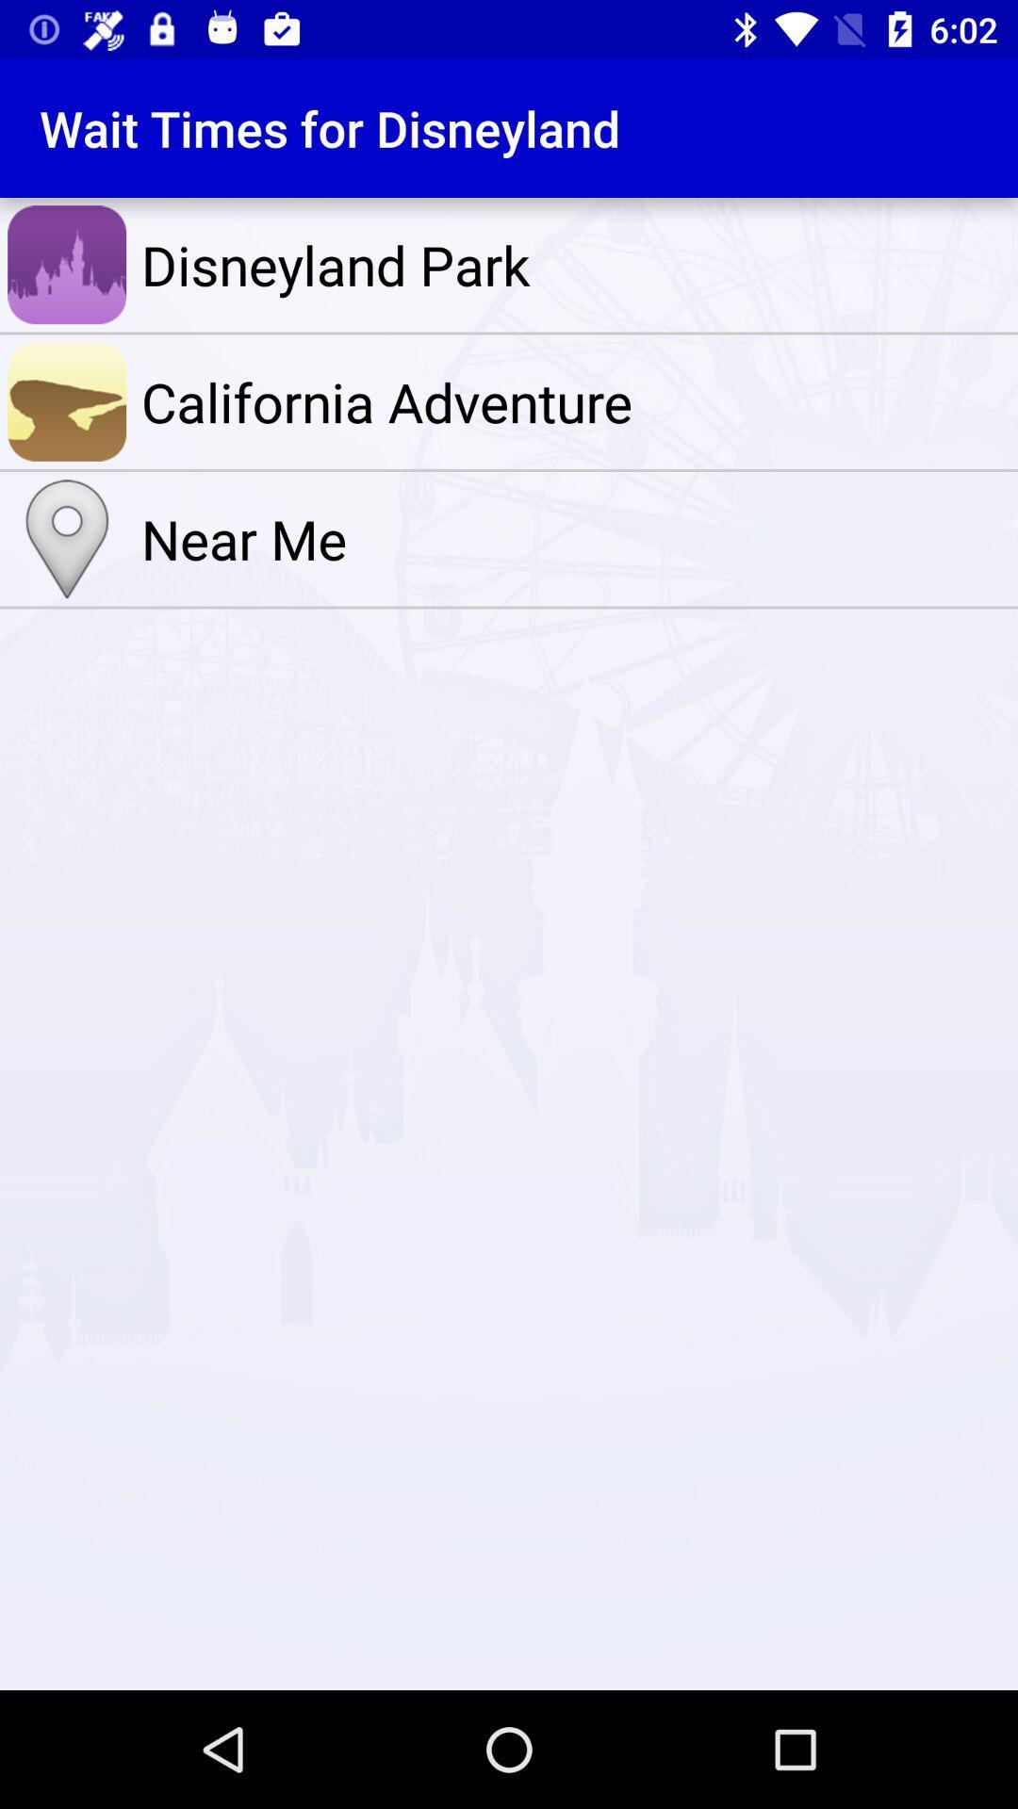  I want to click on the near me, so click(574, 538).